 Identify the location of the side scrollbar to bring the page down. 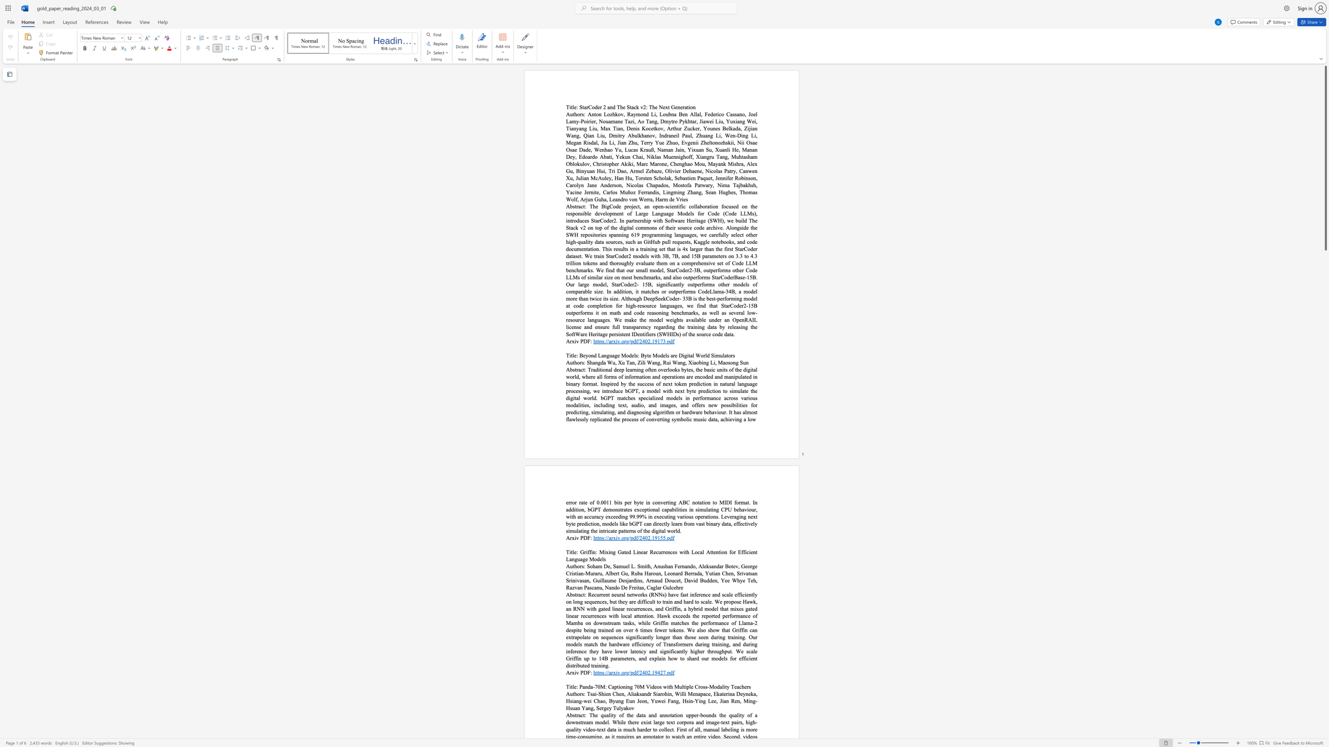
(1325, 663).